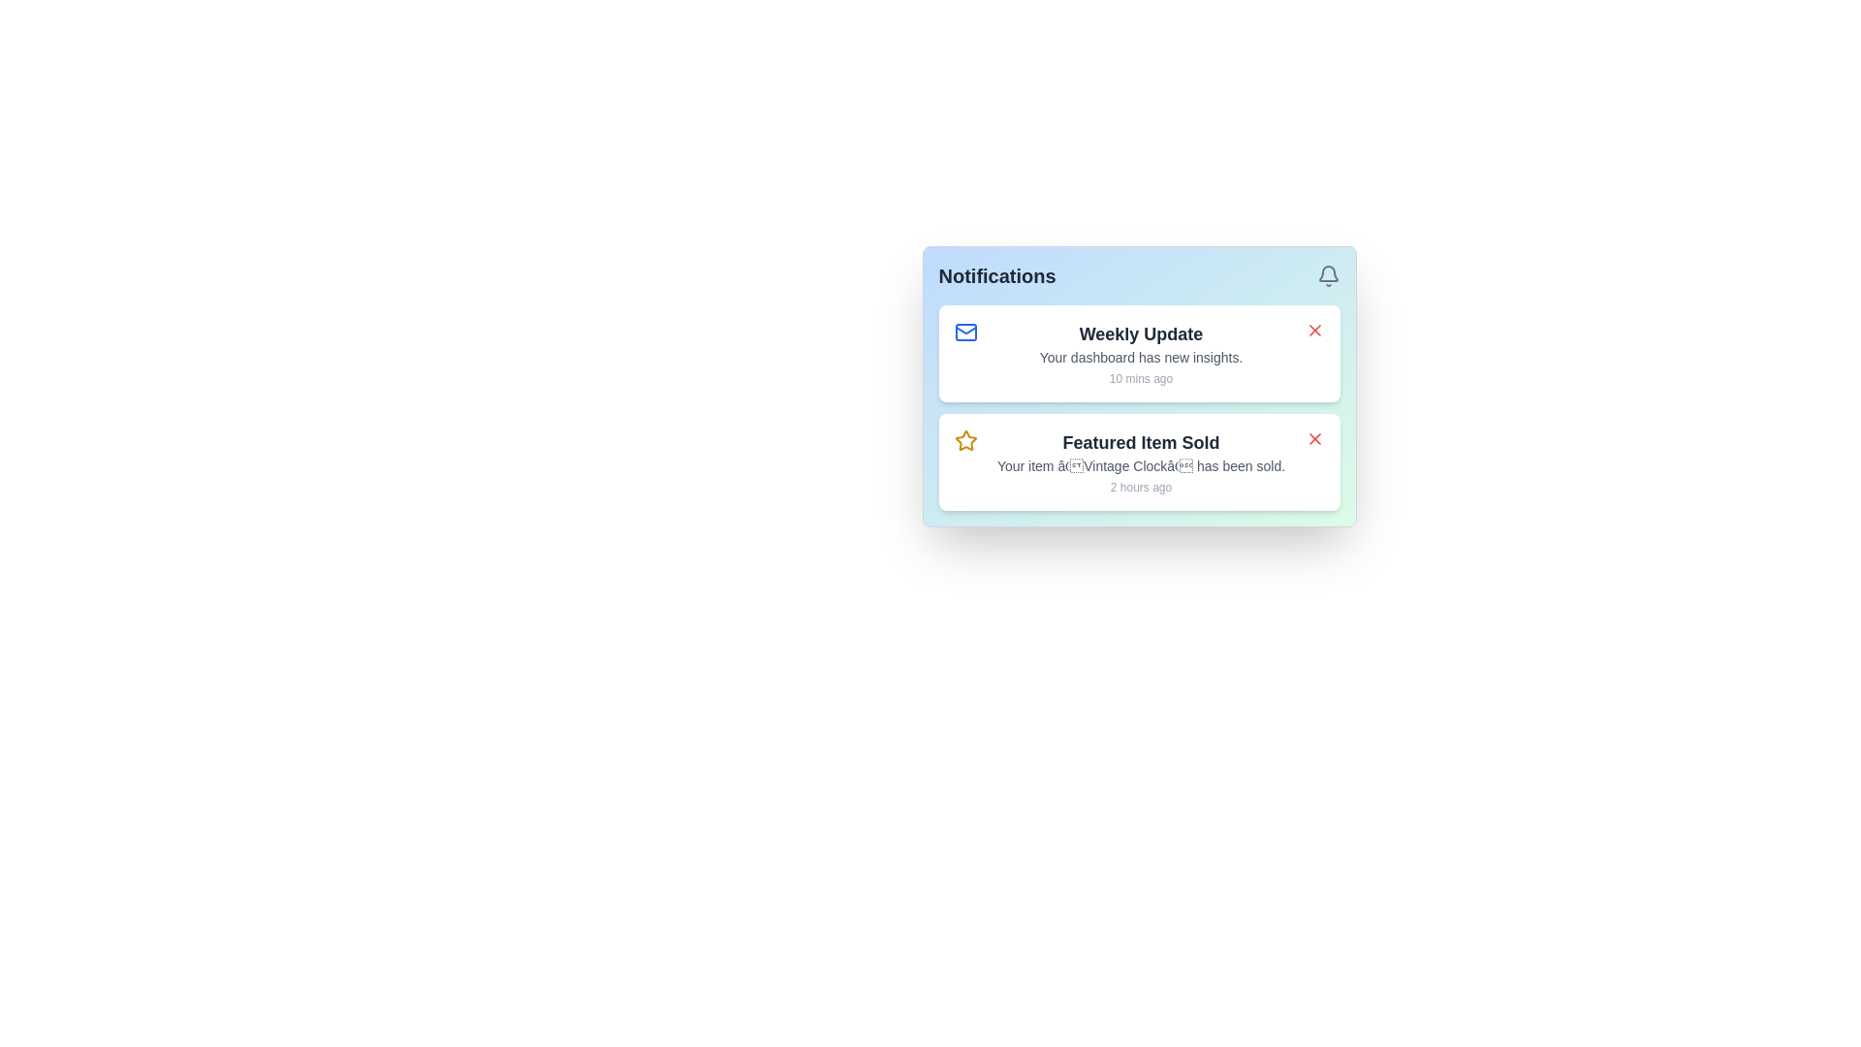 The height and width of the screenshot is (1047, 1861). Describe the element at coordinates (1327, 276) in the screenshot. I see `the bell icon with a gray outline, located in the upper-right corner of the 'Notifications' panel next to the 'Notifications' text header` at that location.